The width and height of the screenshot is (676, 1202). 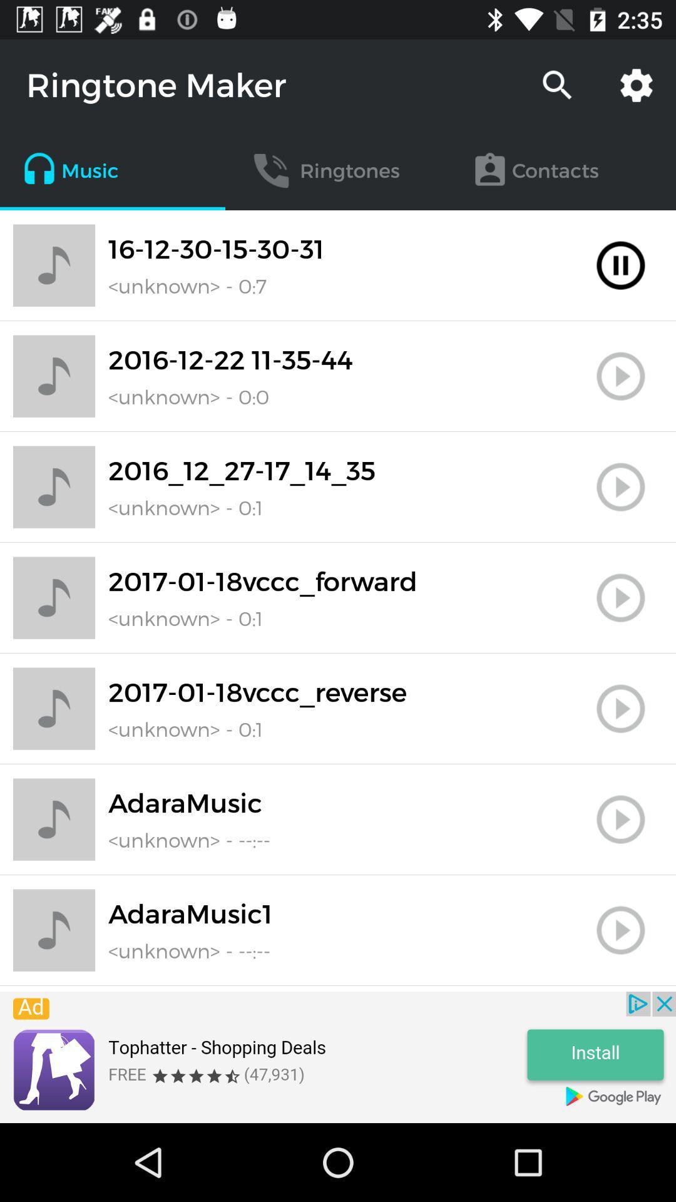 I want to click on pause playback, so click(x=620, y=265).